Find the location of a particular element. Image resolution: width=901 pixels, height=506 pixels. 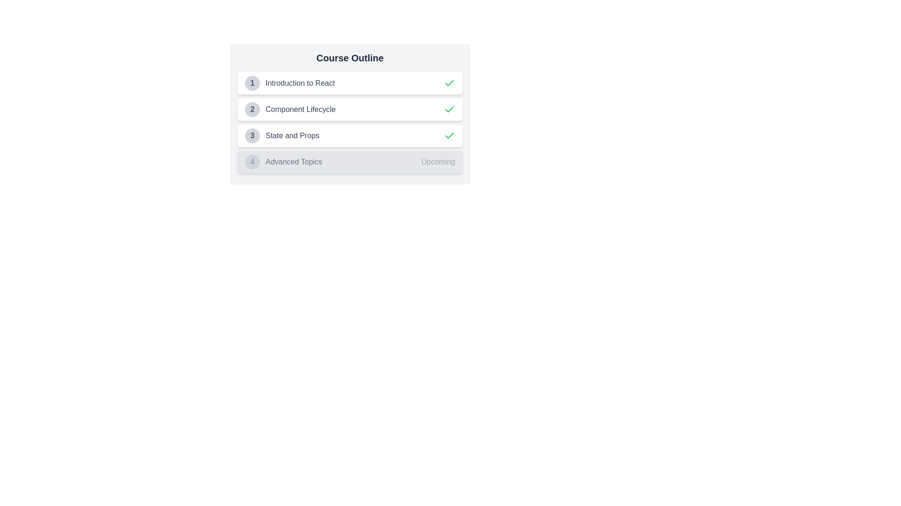

the circular button-like indicator with a gray background and the numeral '4' centered within it, located in the bottom left section of the 'Advanced Topics' item in the 'Course Outline' is located at coordinates (252, 162).